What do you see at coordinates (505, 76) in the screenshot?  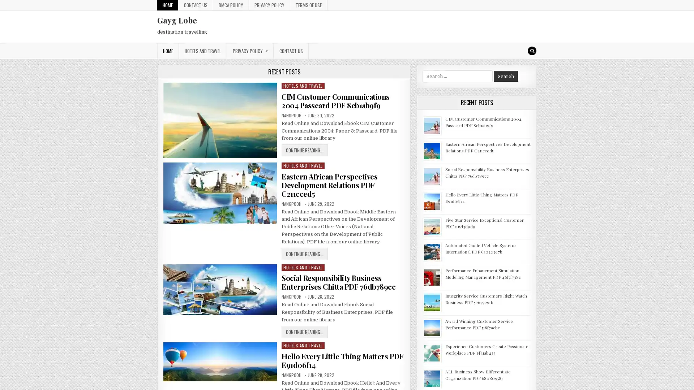 I see `Search` at bounding box center [505, 76].